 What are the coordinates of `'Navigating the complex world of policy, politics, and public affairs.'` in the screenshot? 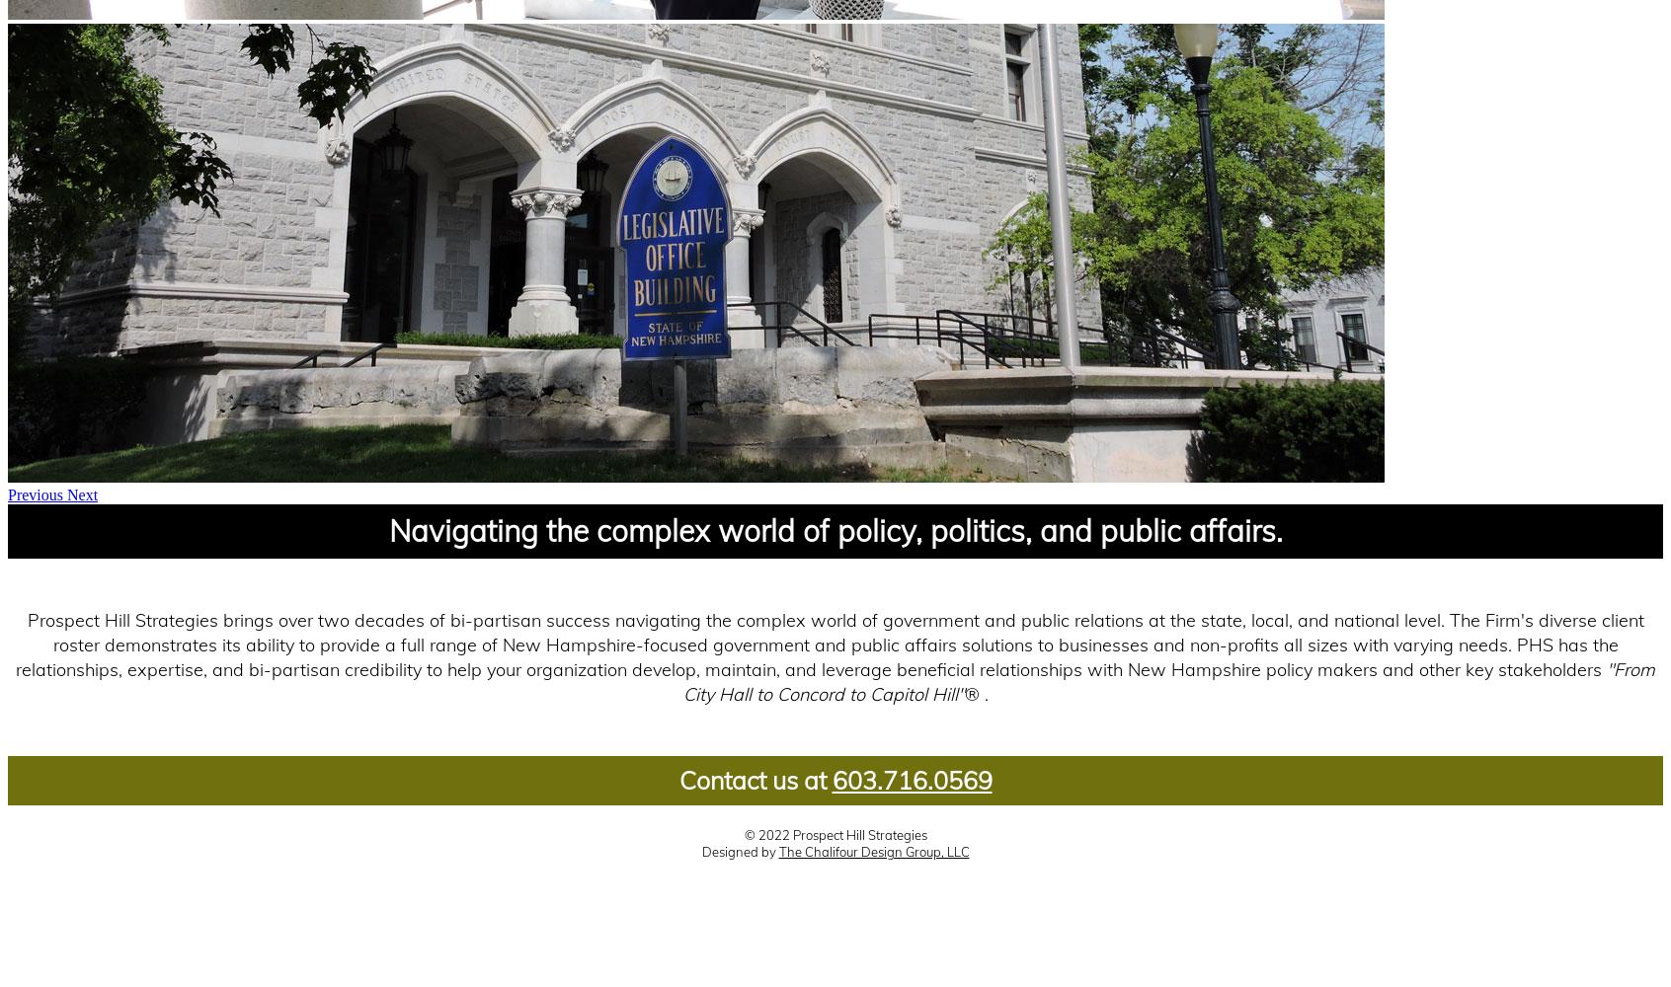 It's located at (835, 531).